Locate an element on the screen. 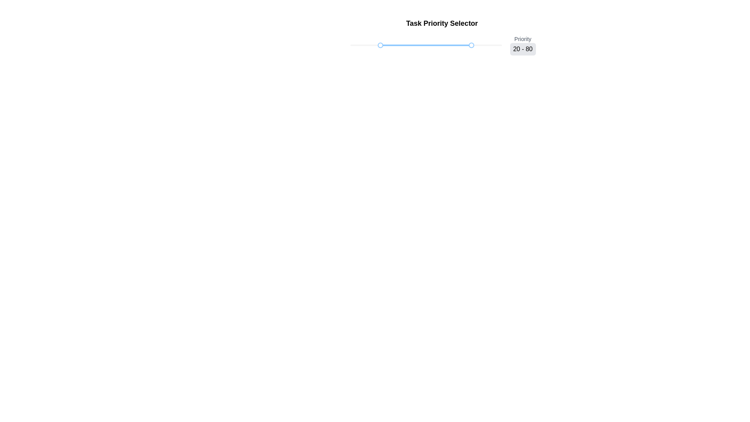 This screenshot has height=422, width=750. the filled track portion of the slider component, which visually represents the range between the two handles, from 20% to 80% is located at coordinates (425, 45).